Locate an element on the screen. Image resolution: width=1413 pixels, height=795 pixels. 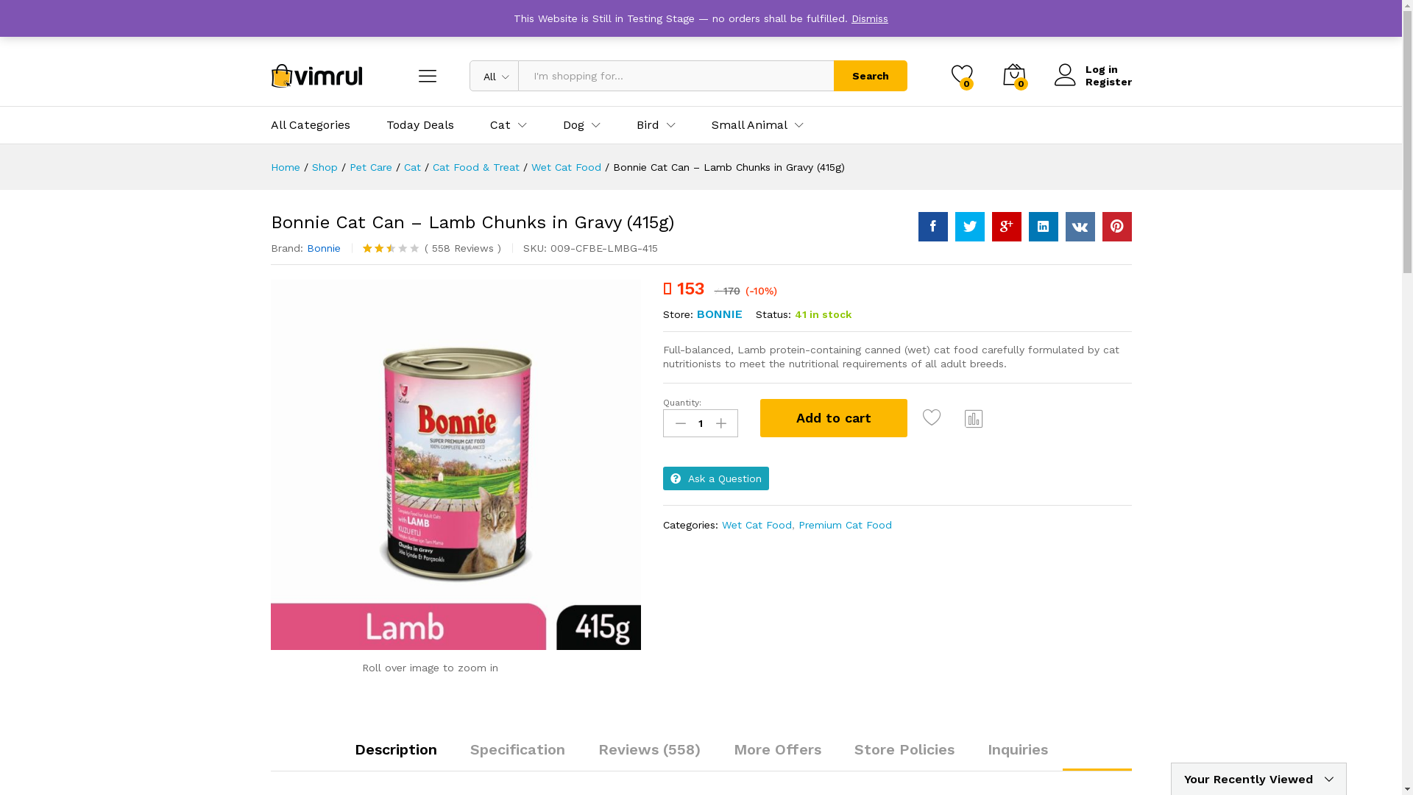
'Log in' is located at coordinates (1092, 69).